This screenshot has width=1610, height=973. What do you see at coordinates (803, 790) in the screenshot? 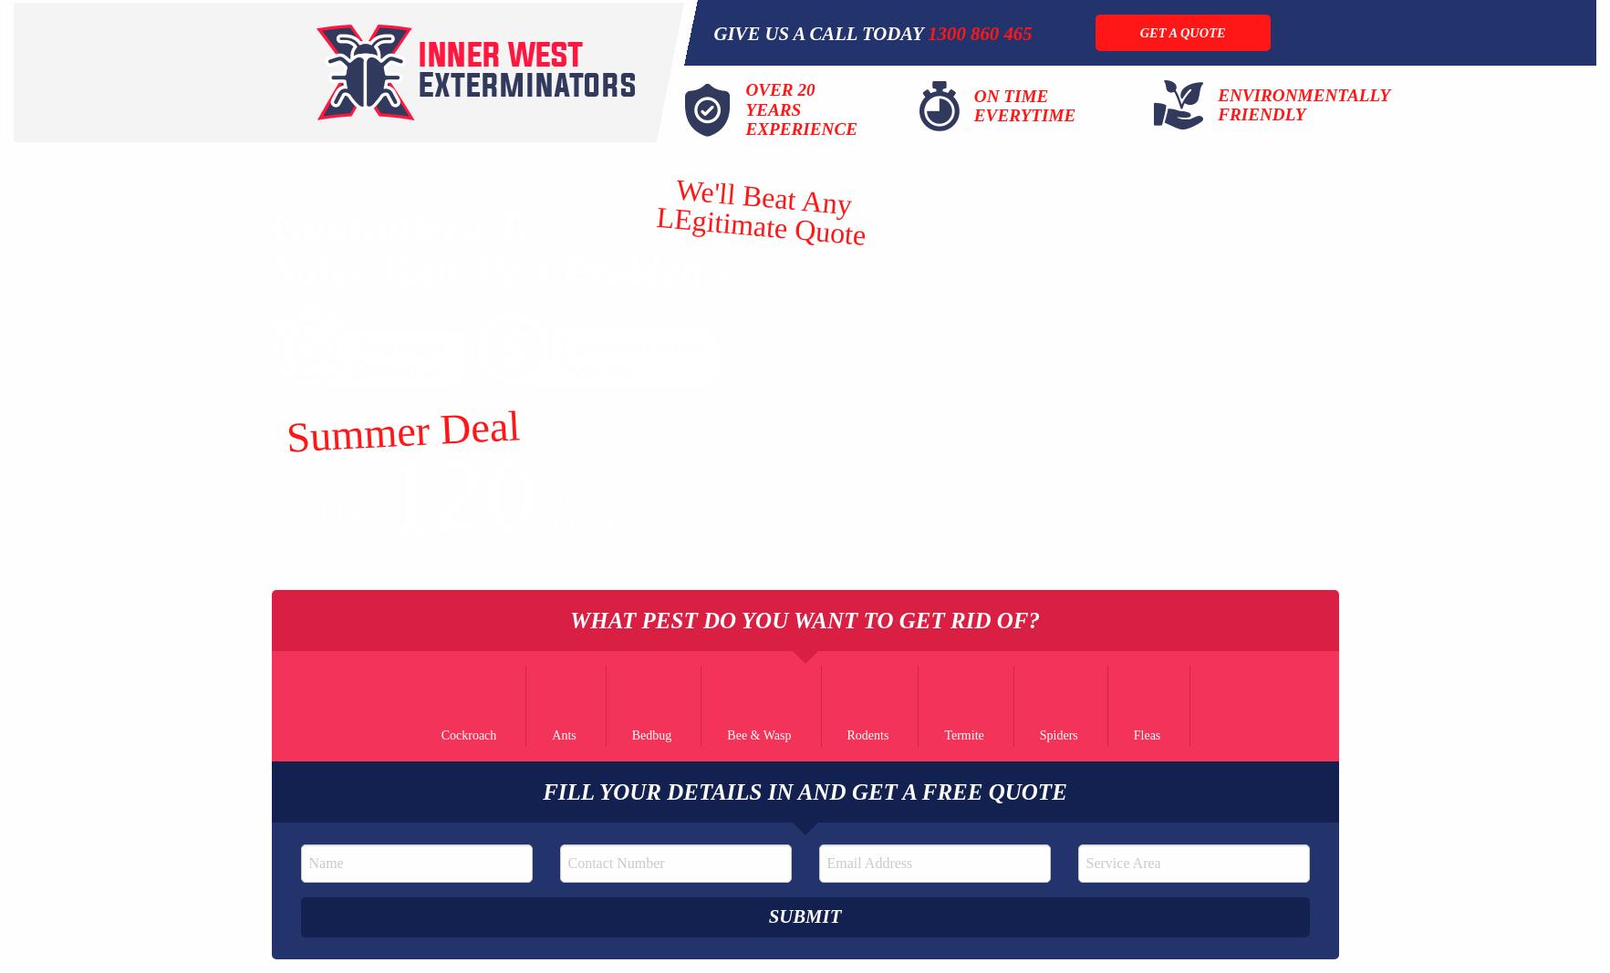
I see `'FILL YOUR DETAILS IN AND GET A FREE QUOTE'` at bounding box center [803, 790].